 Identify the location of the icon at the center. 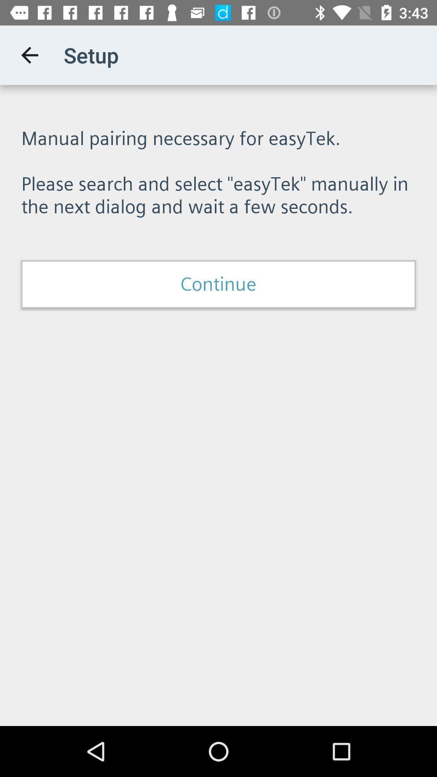
(218, 284).